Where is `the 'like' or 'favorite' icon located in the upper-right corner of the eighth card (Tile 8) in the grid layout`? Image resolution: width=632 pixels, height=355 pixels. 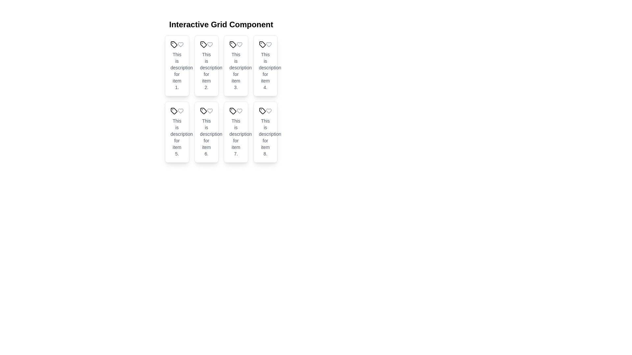 the 'like' or 'favorite' icon located in the upper-right corner of the eighth card (Tile 8) in the grid layout is located at coordinates (269, 111).